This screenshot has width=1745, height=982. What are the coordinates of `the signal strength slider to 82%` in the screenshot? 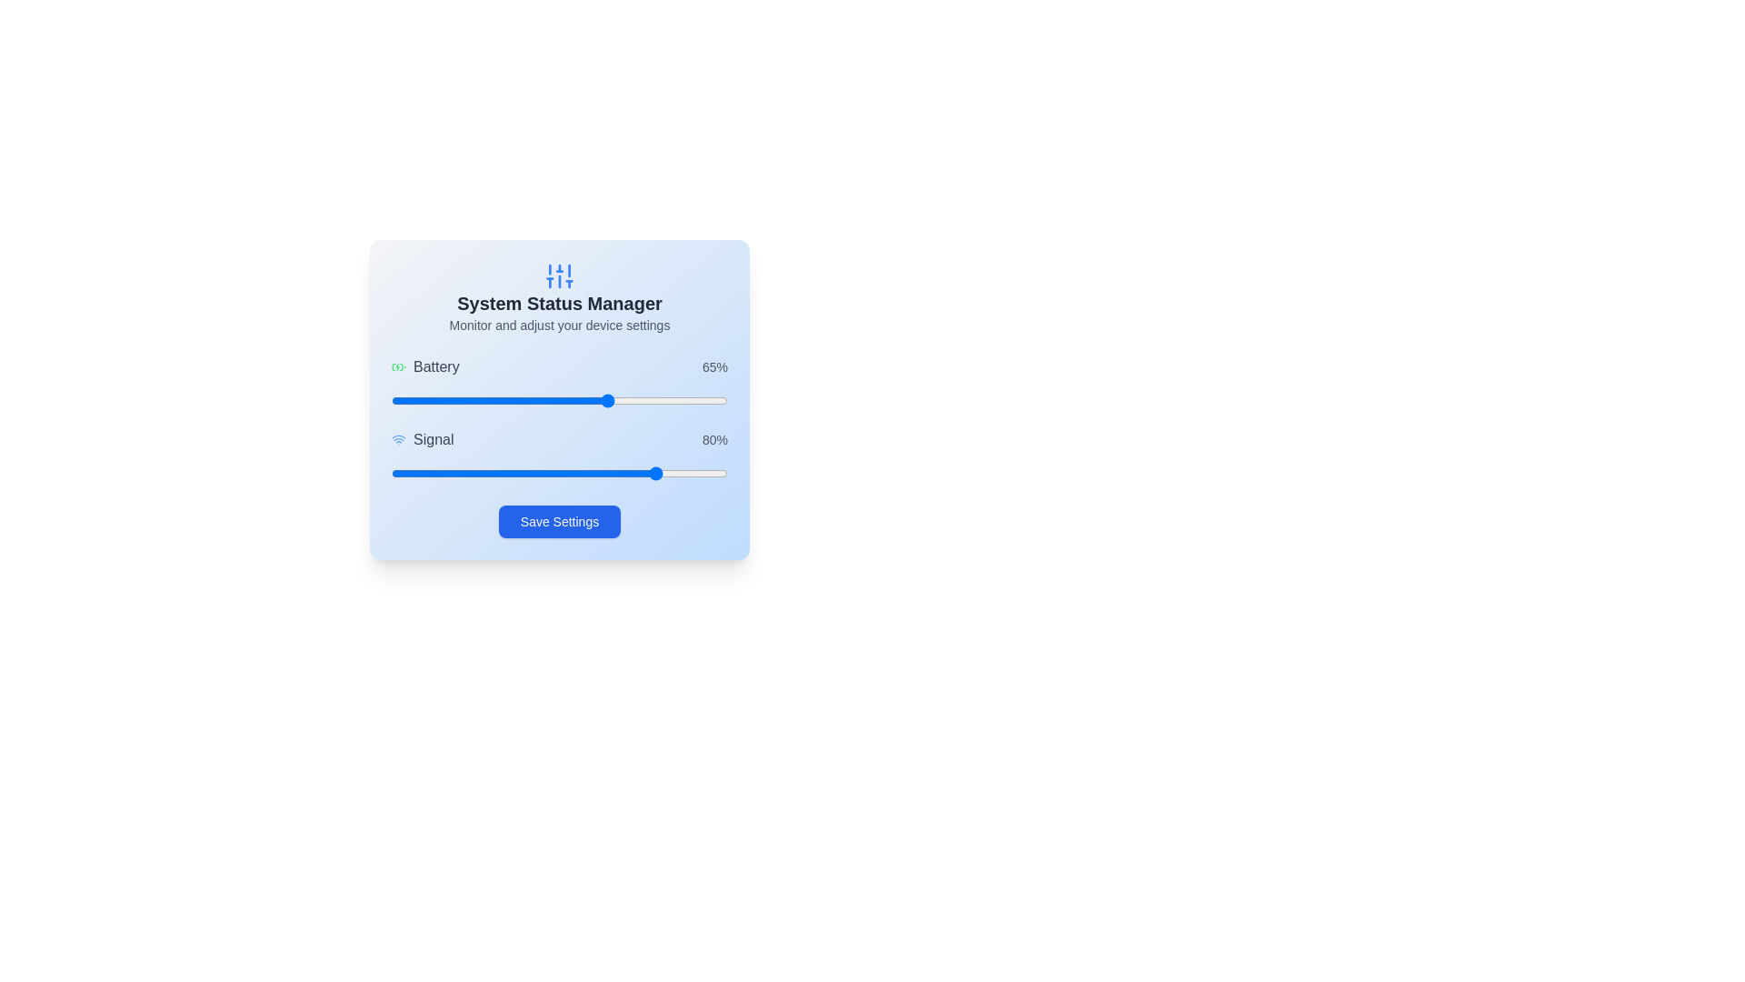 It's located at (666, 472).